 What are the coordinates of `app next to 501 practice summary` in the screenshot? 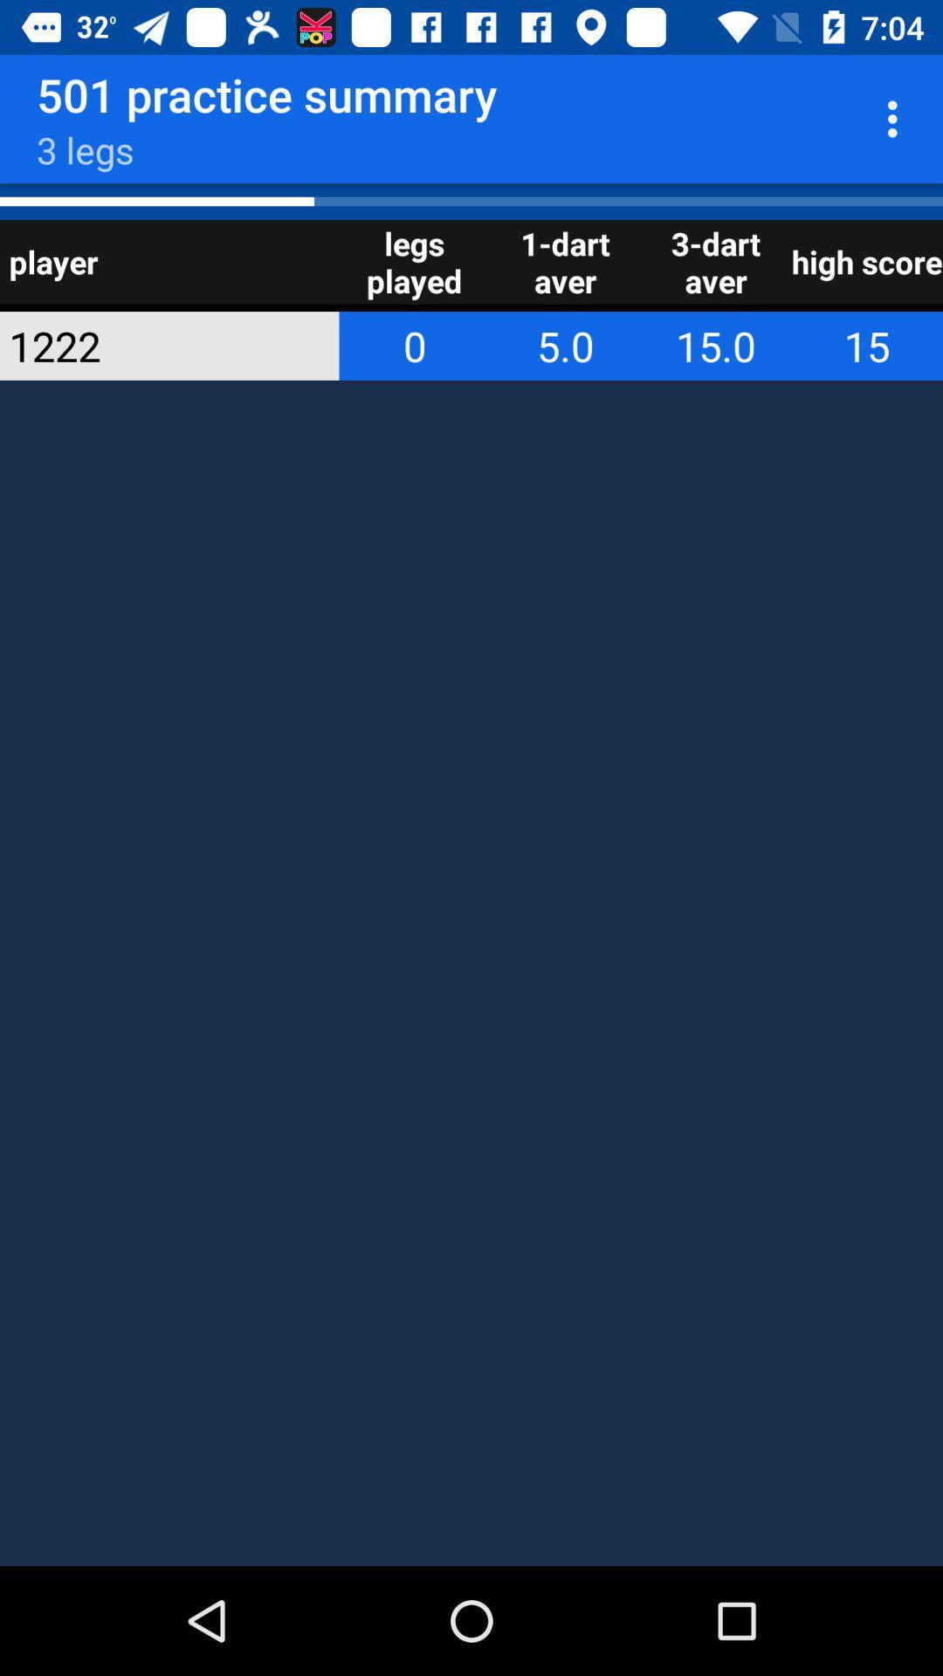 It's located at (897, 118).